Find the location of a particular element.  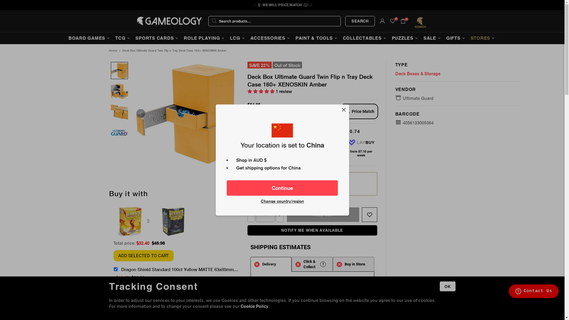

'Deck Boxes & Storage' is located at coordinates (418, 73).